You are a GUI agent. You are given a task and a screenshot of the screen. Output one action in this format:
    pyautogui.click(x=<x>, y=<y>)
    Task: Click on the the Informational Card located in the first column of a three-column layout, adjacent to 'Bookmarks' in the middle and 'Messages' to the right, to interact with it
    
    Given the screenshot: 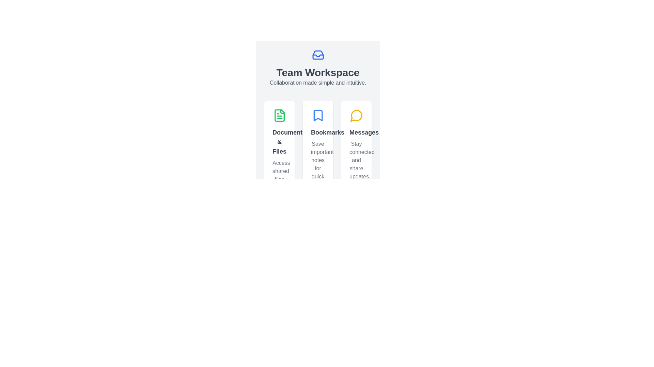 What is the action you would take?
    pyautogui.click(x=279, y=166)
    